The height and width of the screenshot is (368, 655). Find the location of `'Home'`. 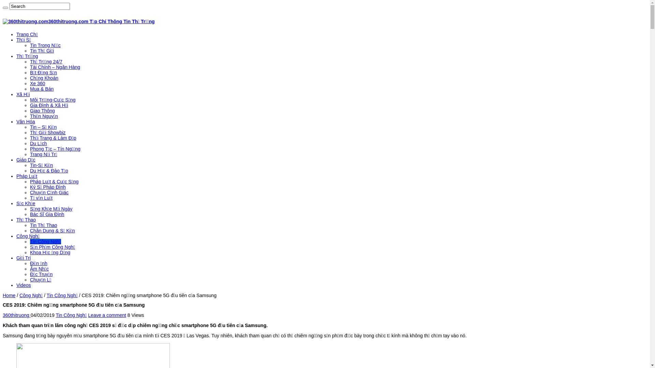

'Home' is located at coordinates (3, 295).